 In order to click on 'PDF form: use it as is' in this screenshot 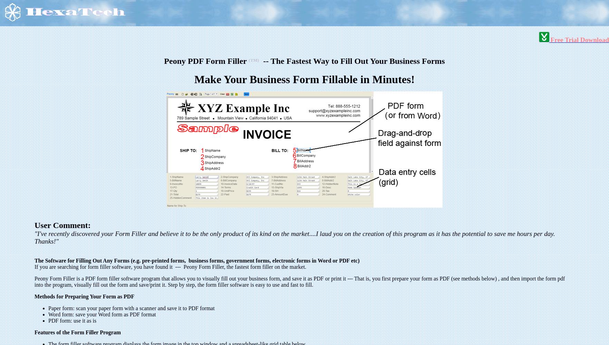, I will do `click(72, 321)`.